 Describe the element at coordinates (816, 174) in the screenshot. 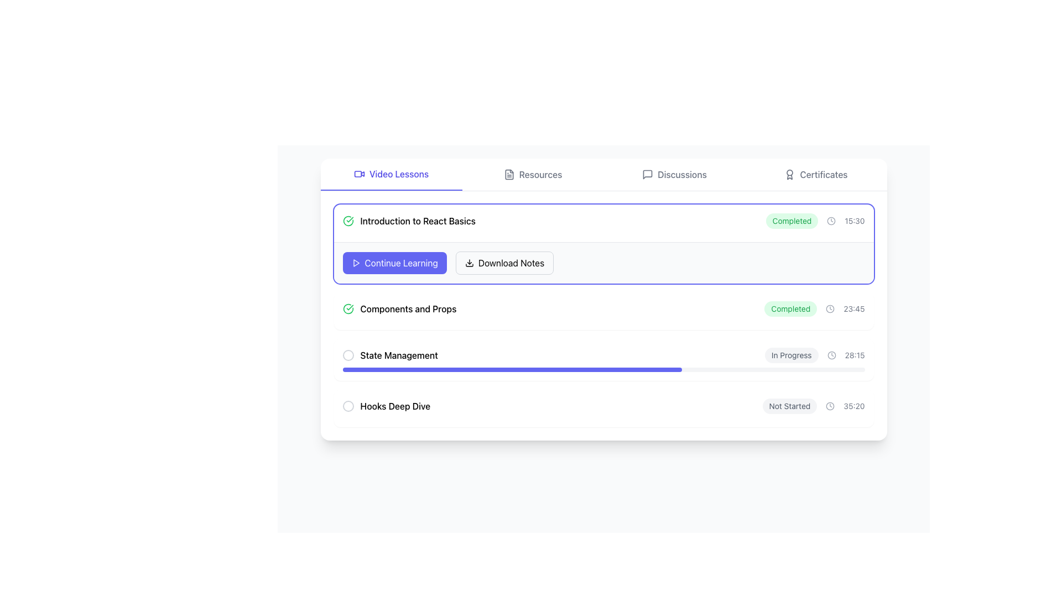

I see `the 'Certificates' tab-like navigation button, which features an icon of a medal or award and is styled with gray font. It is the last tab in the navigation bar, located to the right of 'Discussions'` at that location.